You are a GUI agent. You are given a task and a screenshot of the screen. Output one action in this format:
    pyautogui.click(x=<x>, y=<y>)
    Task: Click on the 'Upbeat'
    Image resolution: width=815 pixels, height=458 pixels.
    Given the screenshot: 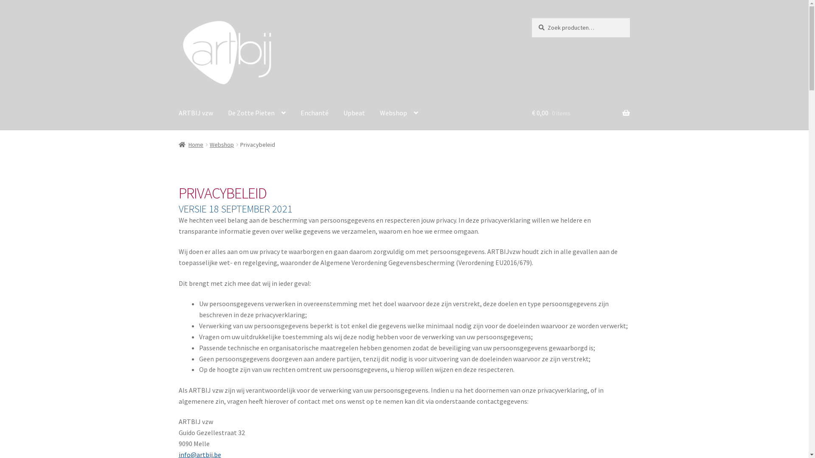 What is the action you would take?
    pyautogui.click(x=354, y=112)
    